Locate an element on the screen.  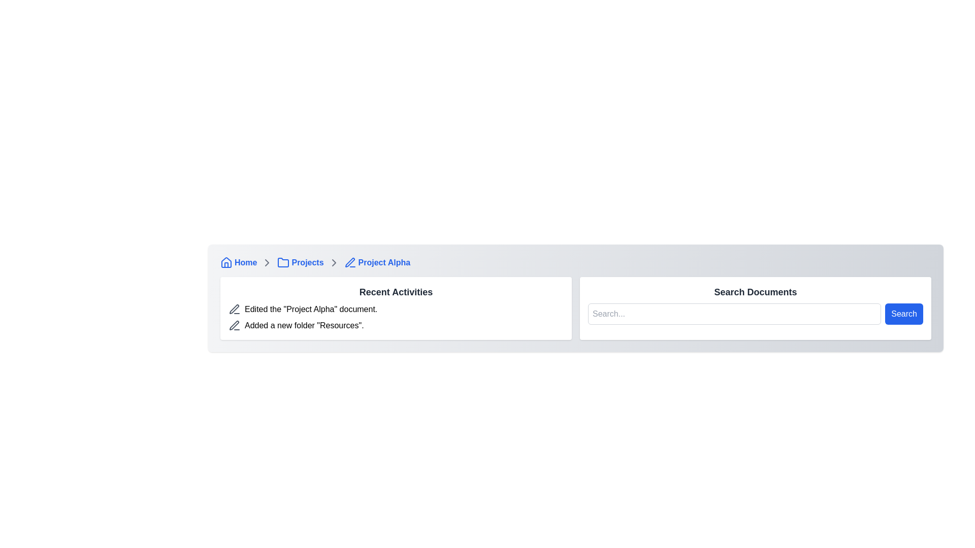
the Static text header that indicates the user's recent activities, located at the top-center of the rectangular card below the breadcrumb navigation bar is located at coordinates (395, 292).